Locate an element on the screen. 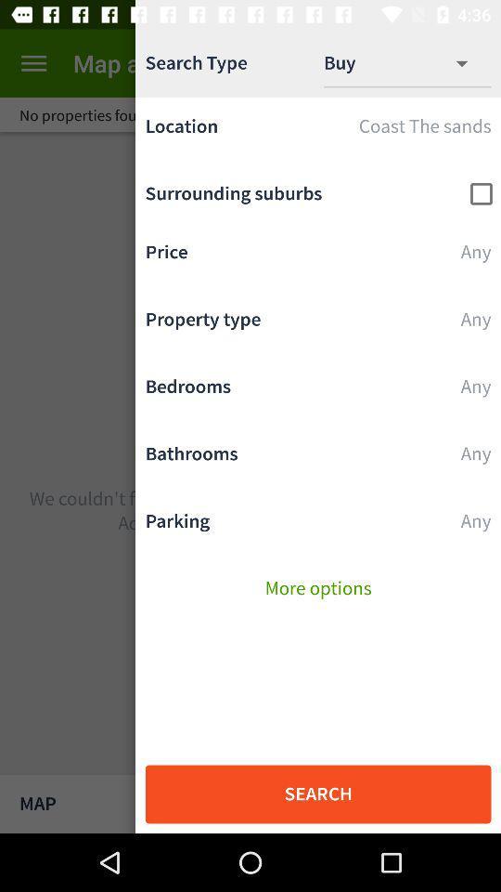 The height and width of the screenshot is (892, 501). parking is located at coordinates (317, 526).